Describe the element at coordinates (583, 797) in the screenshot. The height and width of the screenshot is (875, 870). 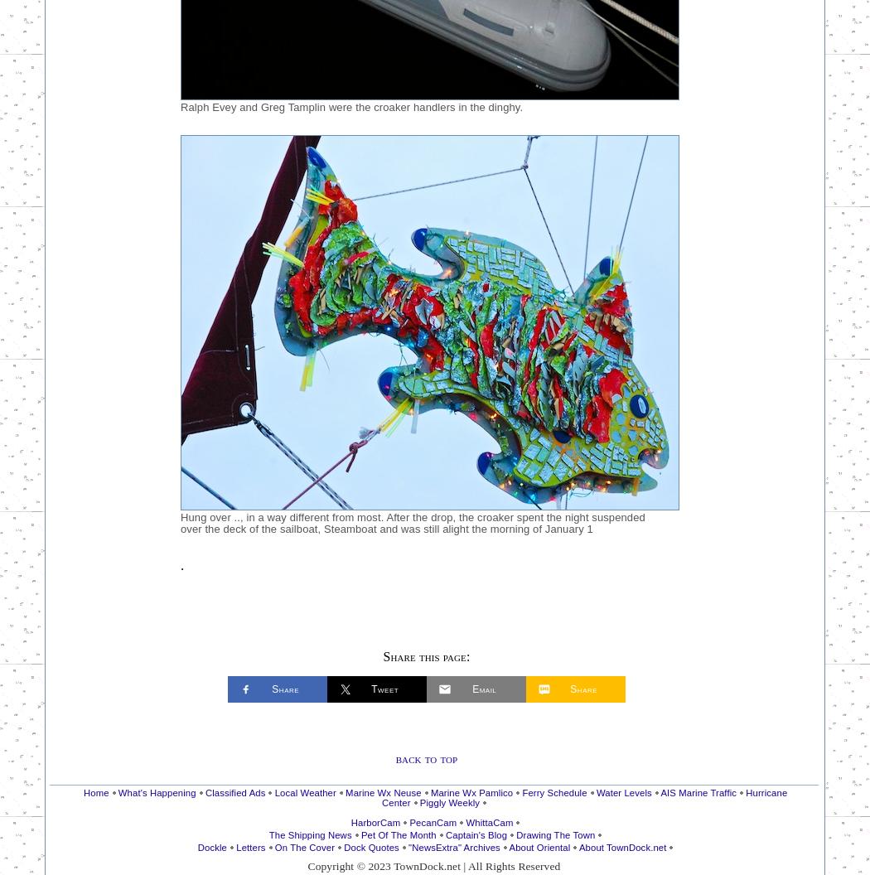
I see `'Hurricane Center'` at that location.